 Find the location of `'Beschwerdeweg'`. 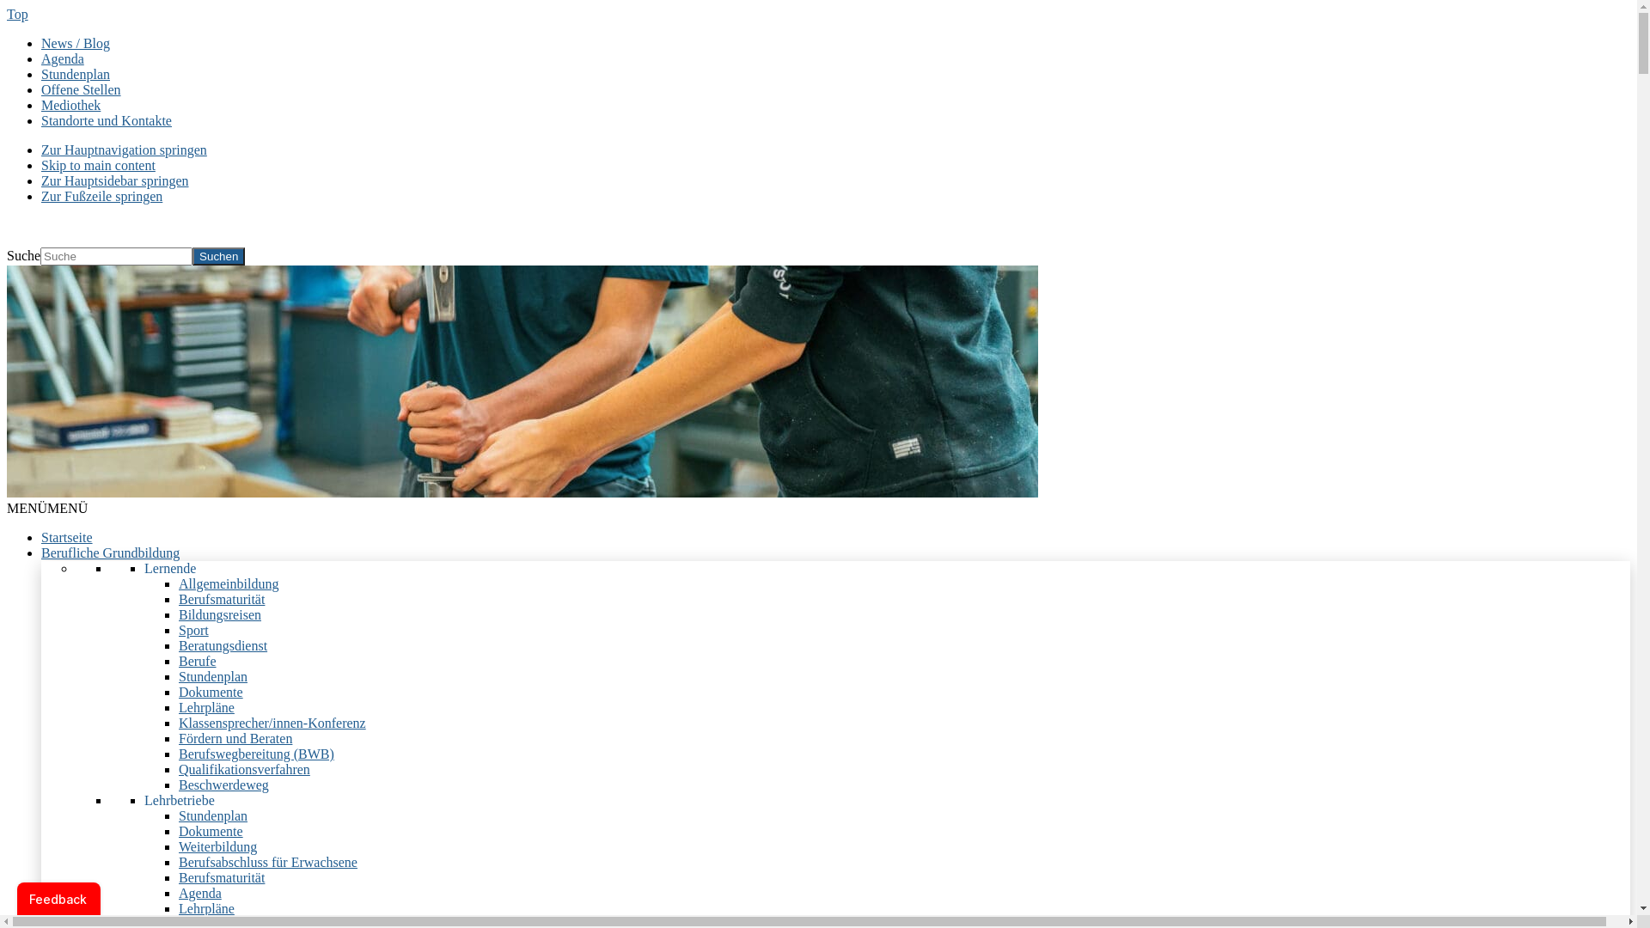

'Beschwerdeweg' is located at coordinates (223, 785).